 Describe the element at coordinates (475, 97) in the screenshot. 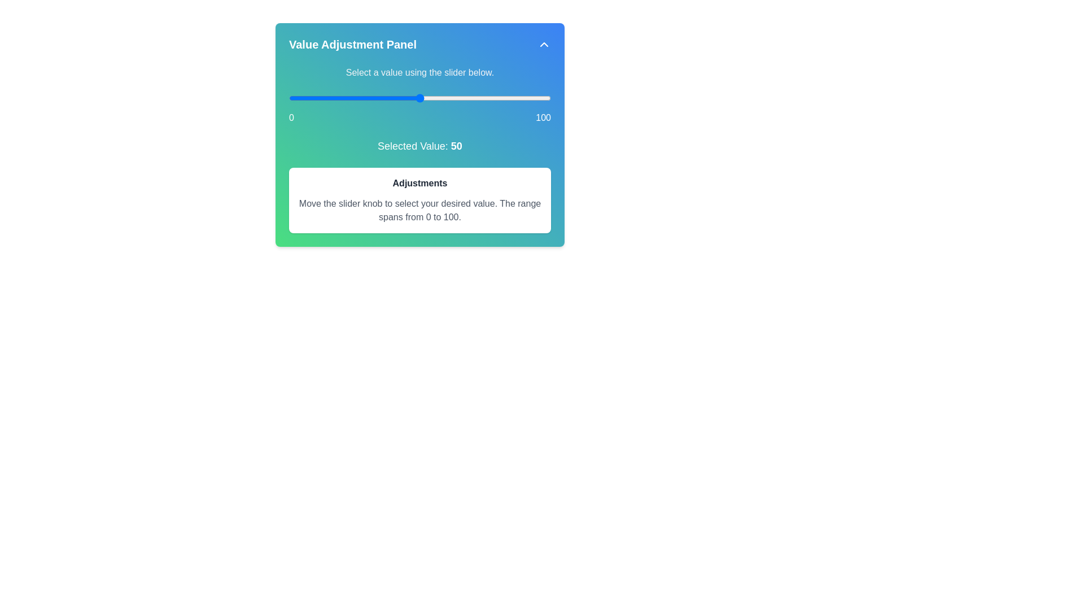

I see `the slider value` at that location.